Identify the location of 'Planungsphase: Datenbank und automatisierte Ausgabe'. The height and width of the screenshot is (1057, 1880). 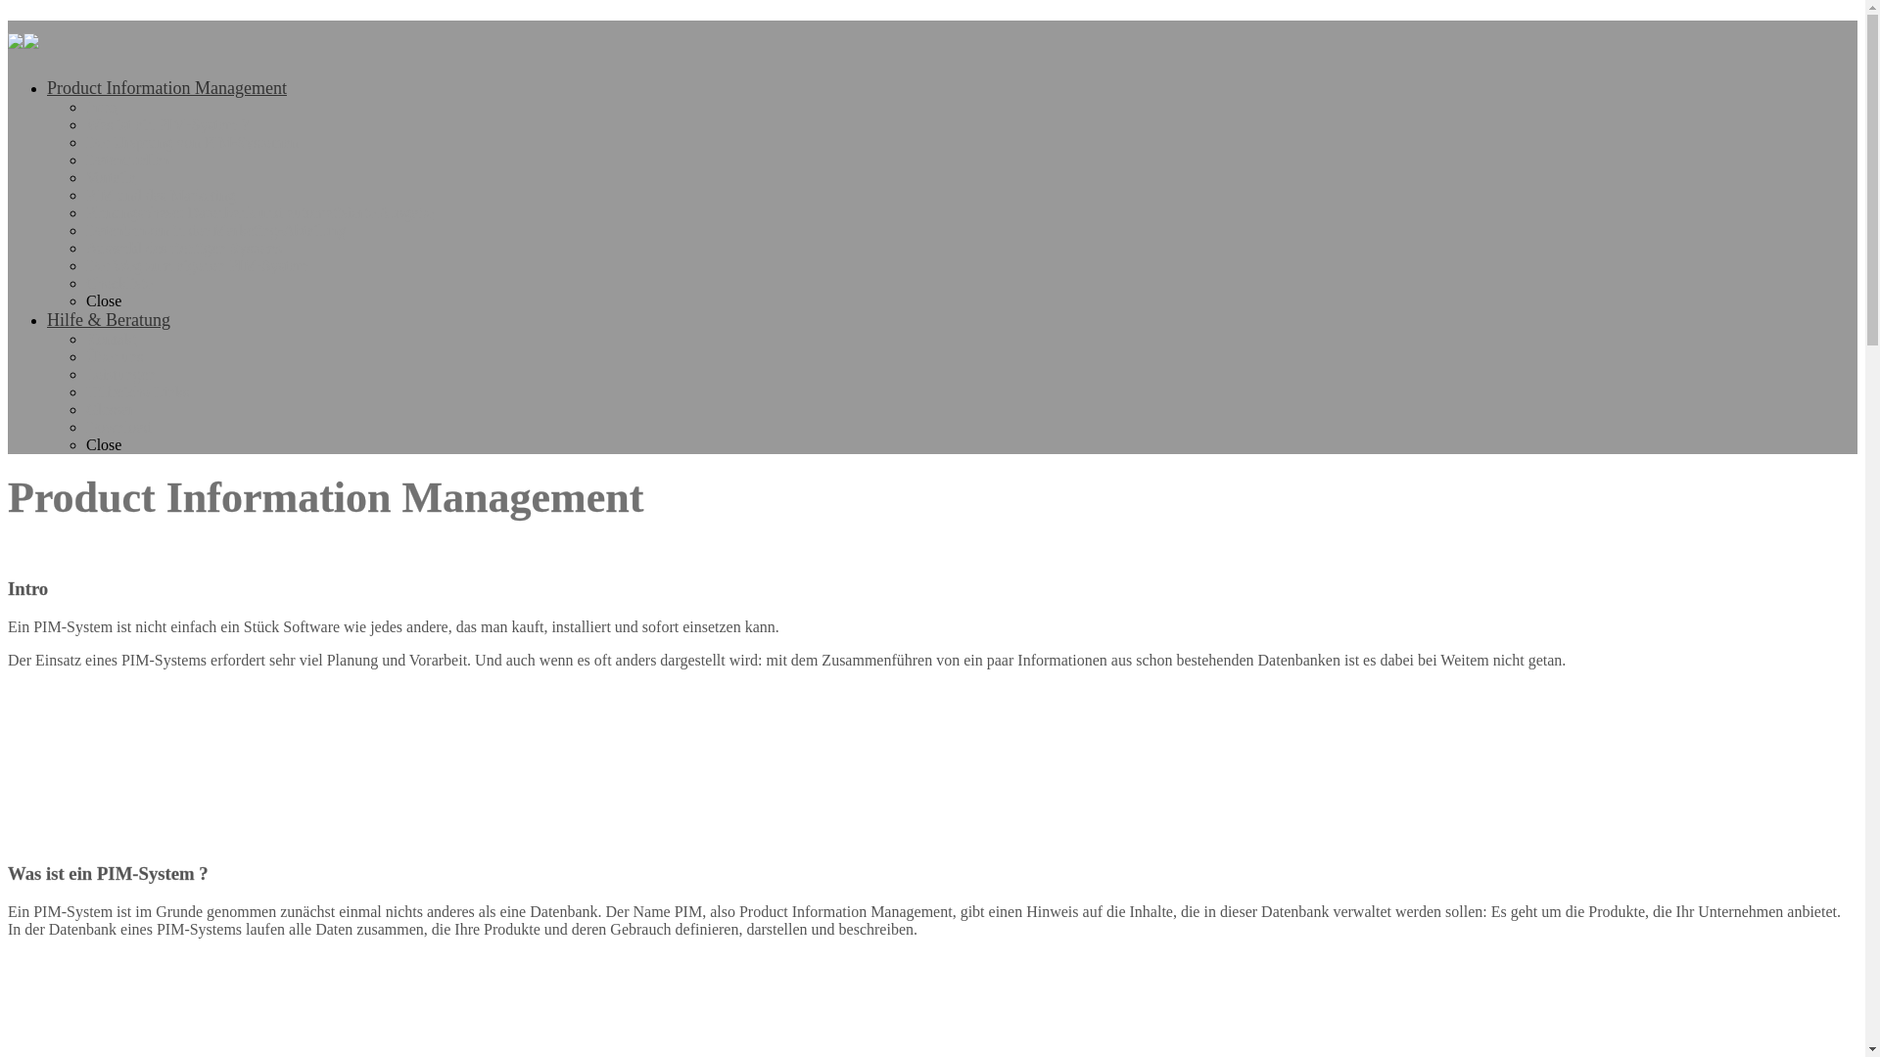
(258, 212).